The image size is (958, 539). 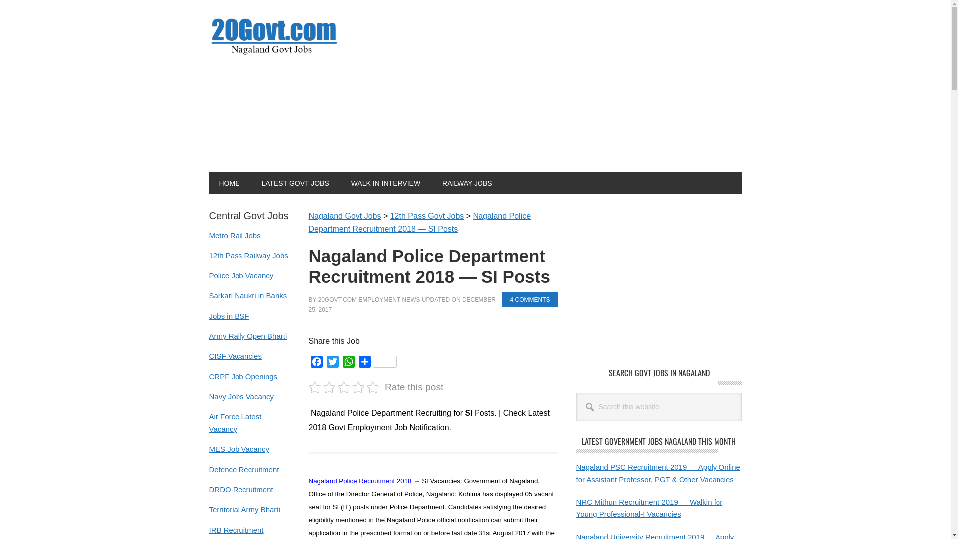 I want to click on 'Air Force Latest Vacancy', so click(x=234, y=422).